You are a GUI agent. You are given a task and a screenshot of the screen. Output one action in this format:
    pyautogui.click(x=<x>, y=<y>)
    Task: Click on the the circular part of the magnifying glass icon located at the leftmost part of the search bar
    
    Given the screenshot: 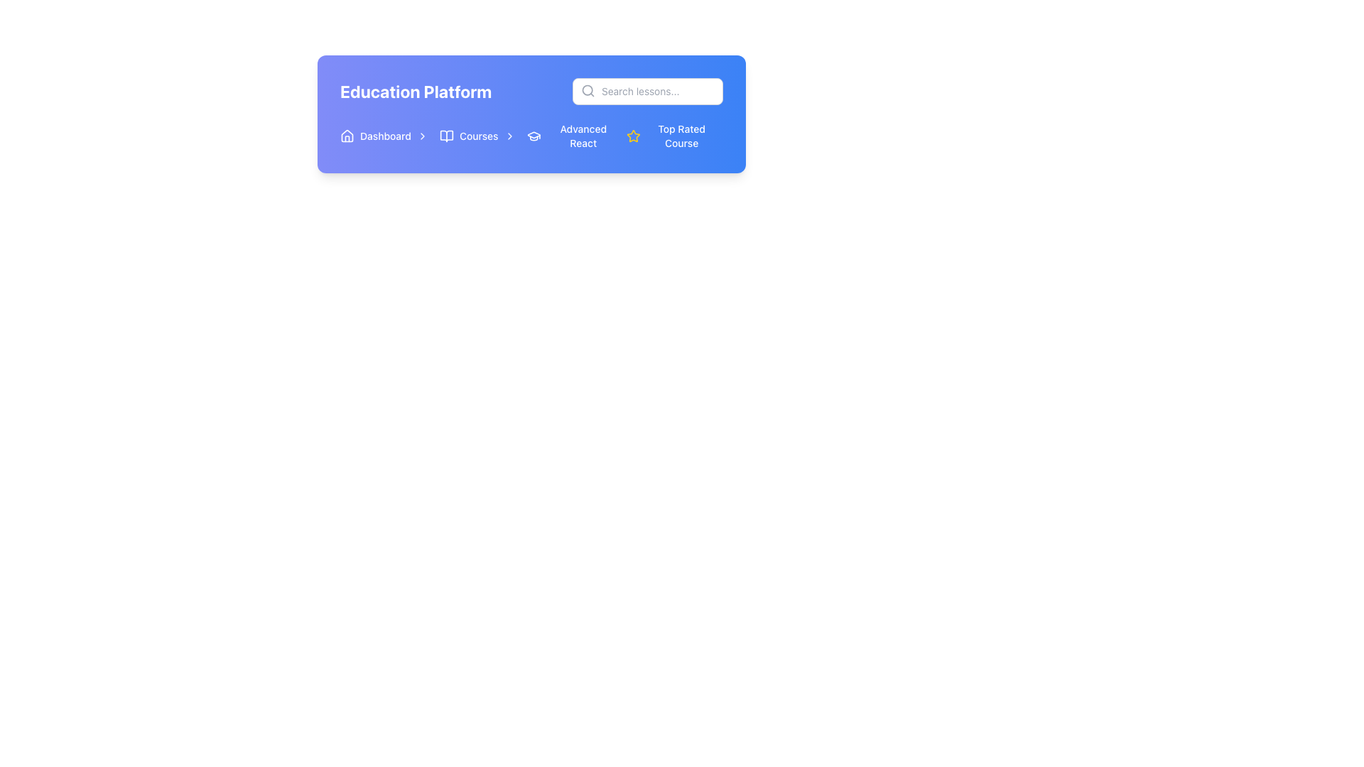 What is the action you would take?
    pyautogui.click(x=588, y=90)
    